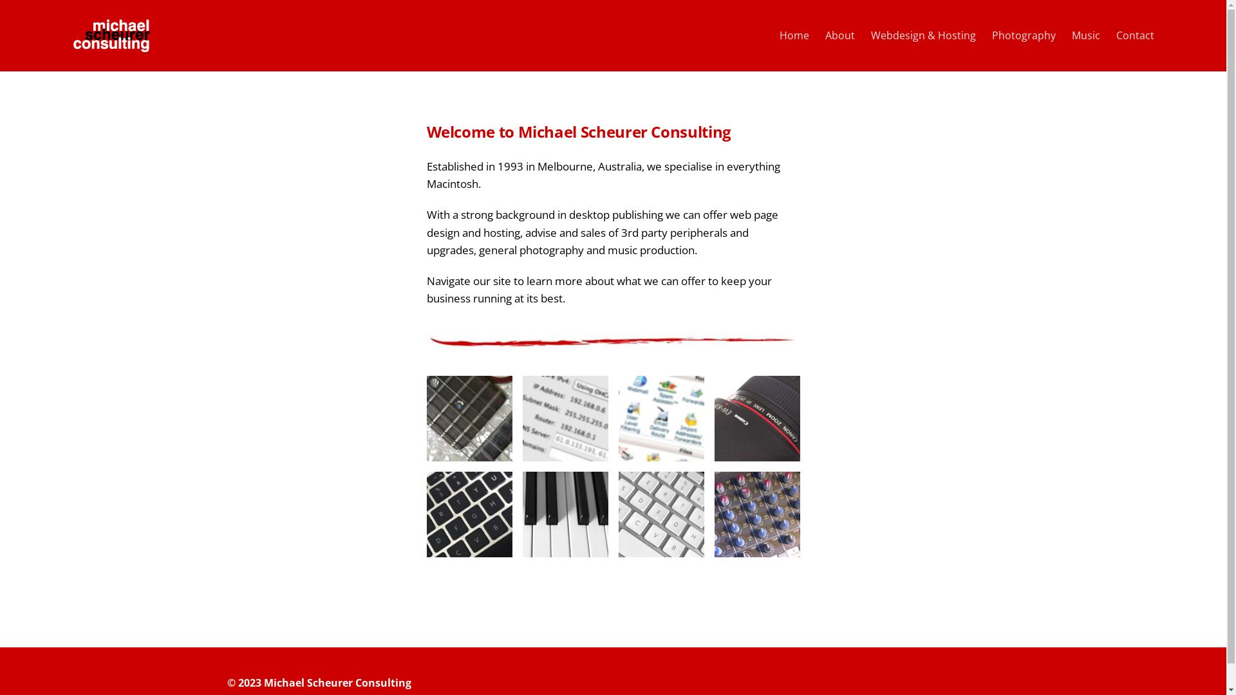  Describe the element at coordinates (793, 35) in the screenshot. I see `'Home'` at that location.